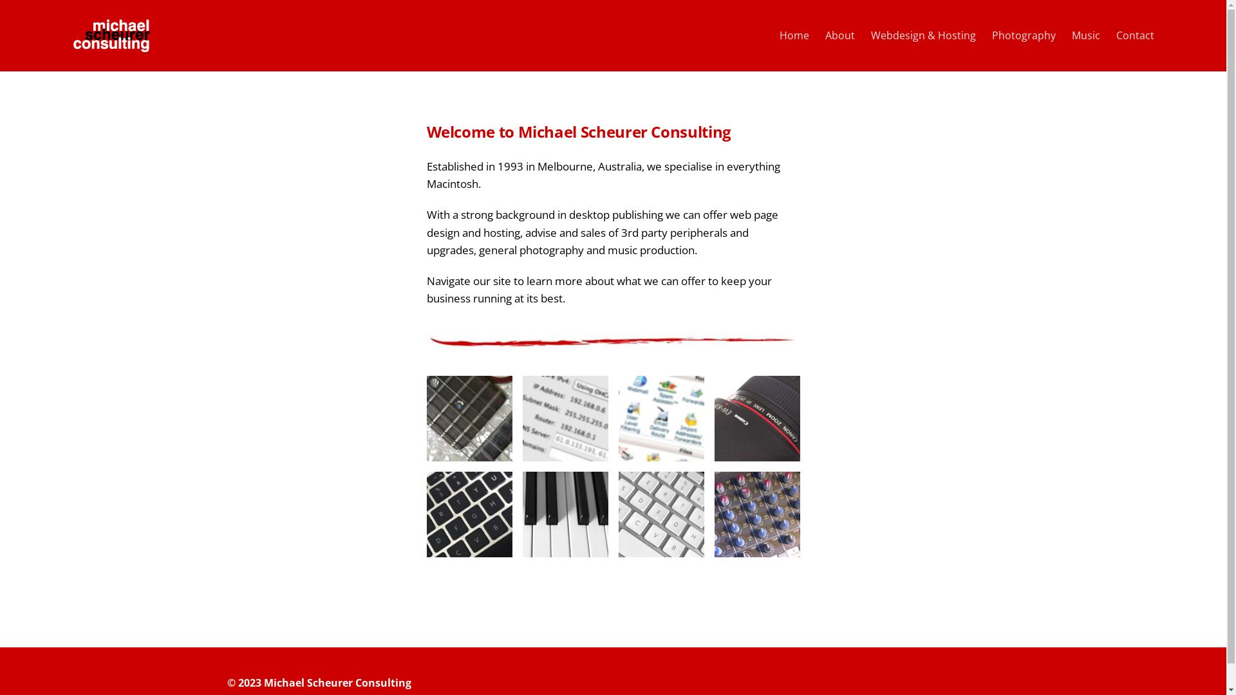  Describe the element at coordinates (793, 35) in the screenshot. I see `'Home'` at that location.